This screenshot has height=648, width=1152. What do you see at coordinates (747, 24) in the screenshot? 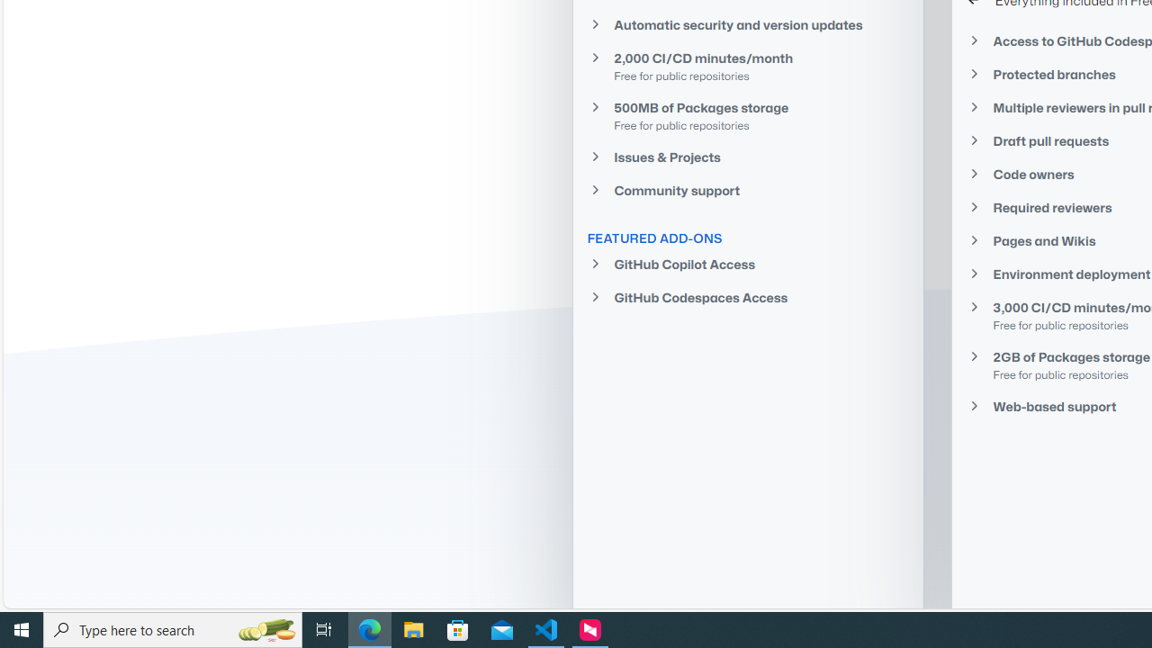
I see `'Automatic security and version updates'` at bounding box center [747, 24].